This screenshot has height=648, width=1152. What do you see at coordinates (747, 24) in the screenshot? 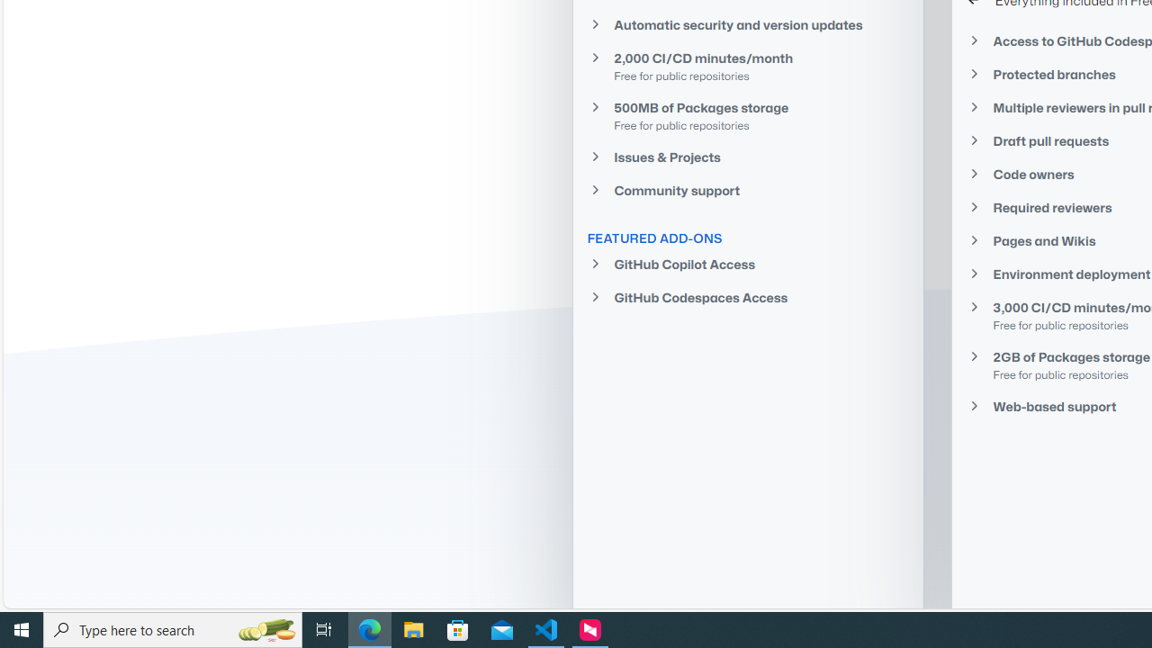
I see `'Automatic security and version updates'` at bounding box center [747, 24].